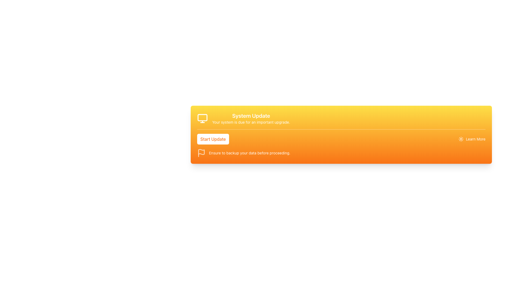 This screenshot has width=515, height=289. What do you see at coordinates (201, 153) in the screenshot?
I see `the flag icon, which is styled with a white color on a semi-transparent background, located to the left of the text caption 'Ensure to backup your data before proceeding.'` at bounding box center [201, 153].